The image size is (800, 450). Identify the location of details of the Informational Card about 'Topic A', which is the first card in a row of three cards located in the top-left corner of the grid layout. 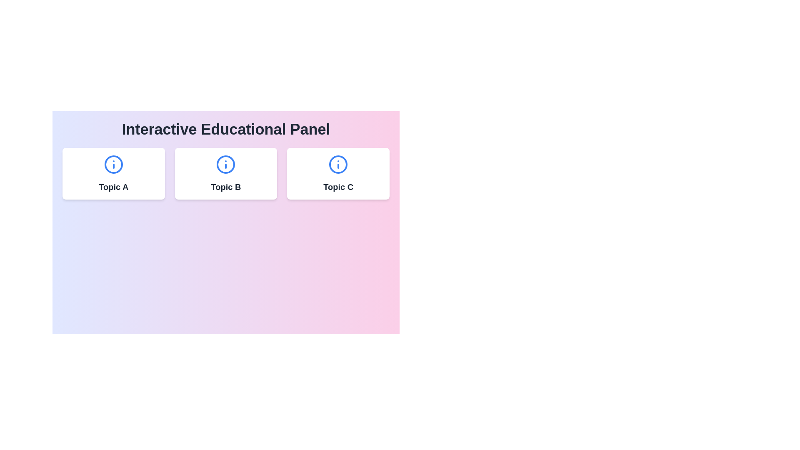
(113, 173).